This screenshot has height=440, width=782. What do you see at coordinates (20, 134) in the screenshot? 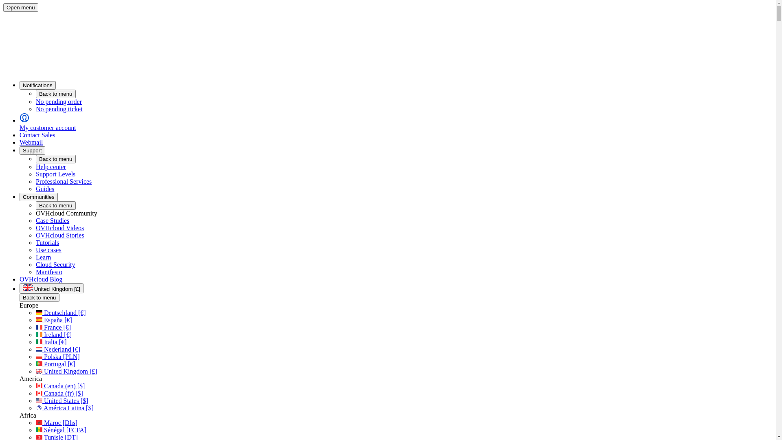
I see `'Contact Sales'` at bounding box center [20, 134].